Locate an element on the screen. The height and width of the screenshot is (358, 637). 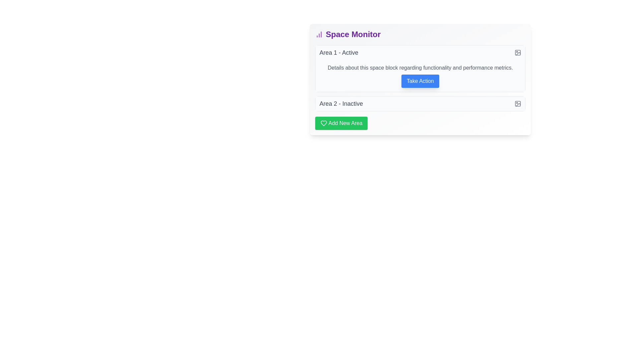
the green rectangular button with a white heart icon and the text 'Add New Area' located at the bottom of the 'Space Monitor' section is located at coordinates (341, 123).